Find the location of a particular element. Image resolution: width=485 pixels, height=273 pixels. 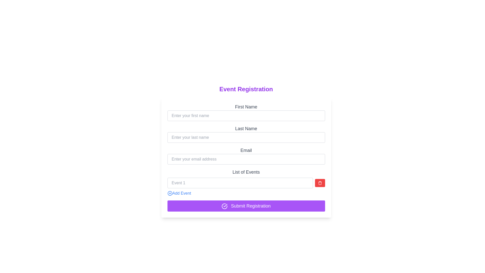

the trash bin icon within the red button located next to the 'Event 1' text field is located at coordinates (320, 183).